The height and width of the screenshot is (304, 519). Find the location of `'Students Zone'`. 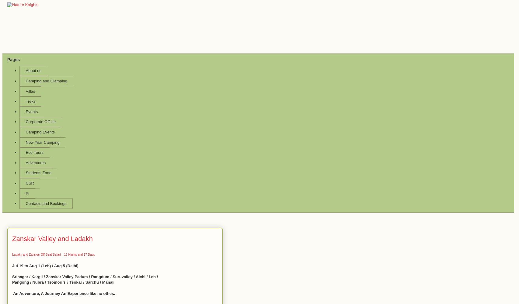

'Students Zone' is located at coordinates (25, 172).